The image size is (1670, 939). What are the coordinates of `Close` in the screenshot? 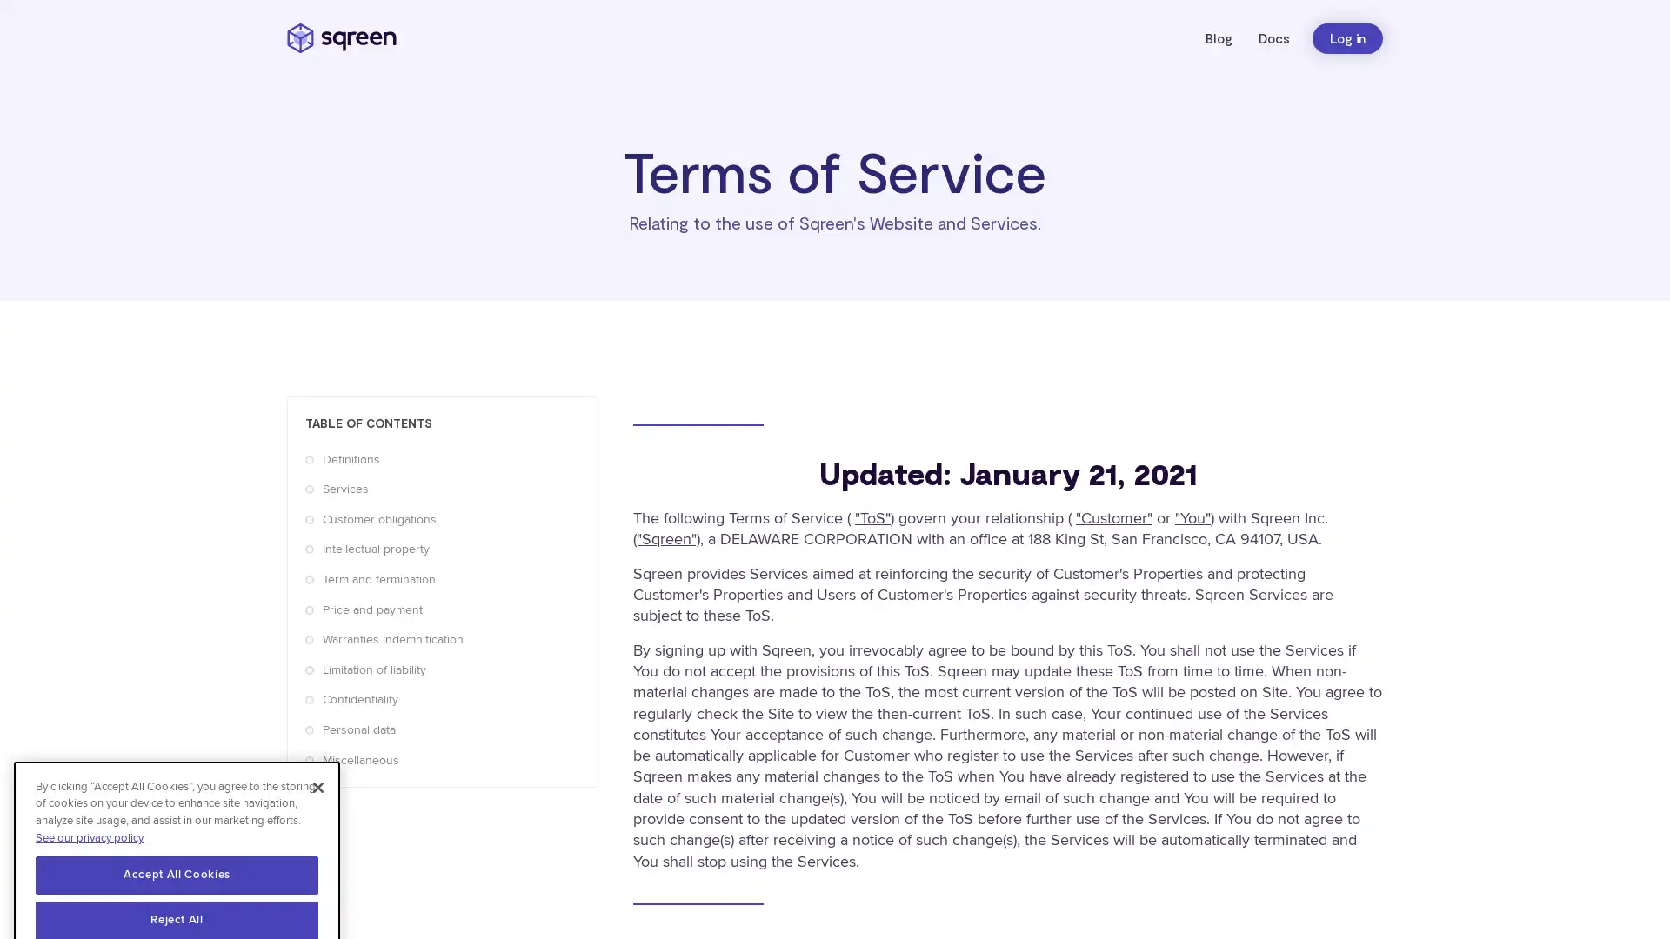 It's located at (317, 740).